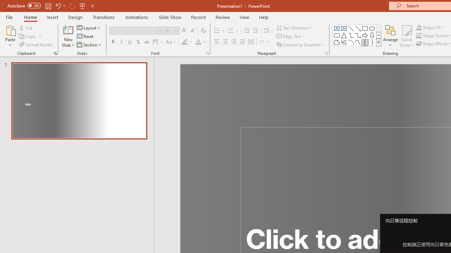  Describe the element at coordinates (419, 35) in the screenshot. I see `'Shape Outline Blue, Accent 1'` at that location.